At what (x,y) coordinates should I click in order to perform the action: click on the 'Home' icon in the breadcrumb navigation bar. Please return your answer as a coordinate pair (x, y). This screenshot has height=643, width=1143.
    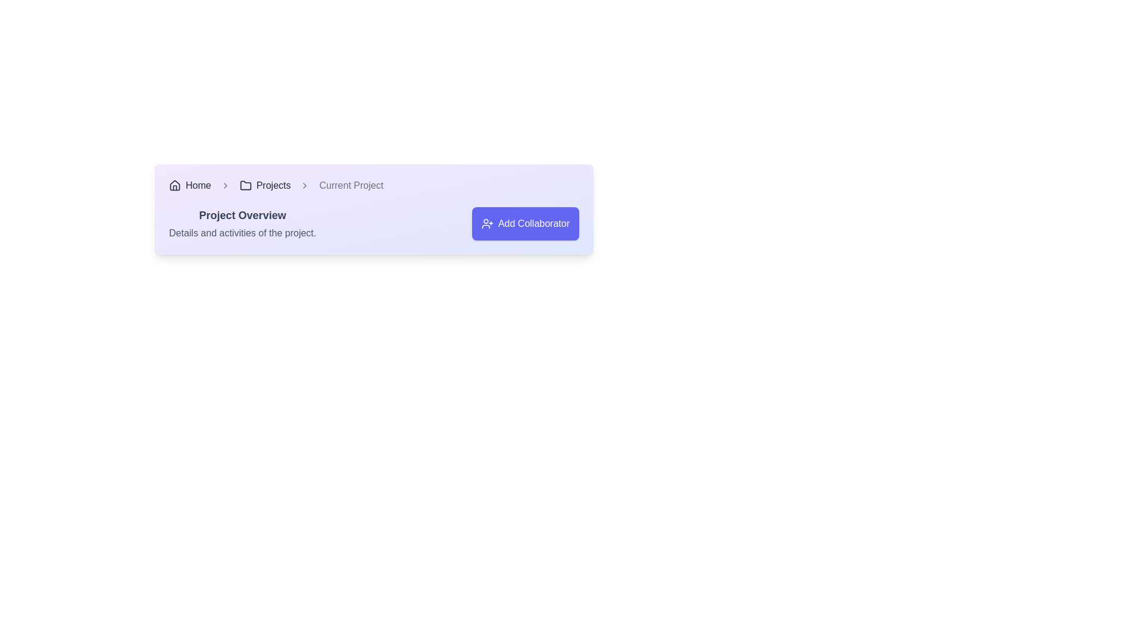
    Looking at the image, I should click on (174, 186).